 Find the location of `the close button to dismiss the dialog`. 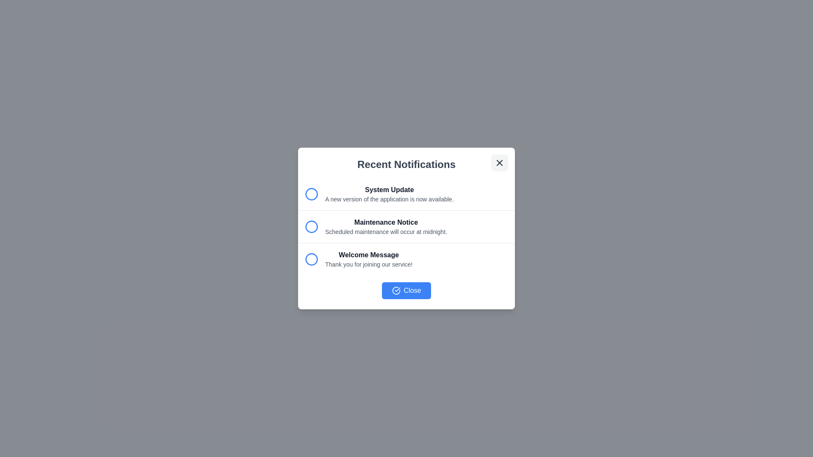

the close button to dismiss the dialog is located at coordinates (500, 163).